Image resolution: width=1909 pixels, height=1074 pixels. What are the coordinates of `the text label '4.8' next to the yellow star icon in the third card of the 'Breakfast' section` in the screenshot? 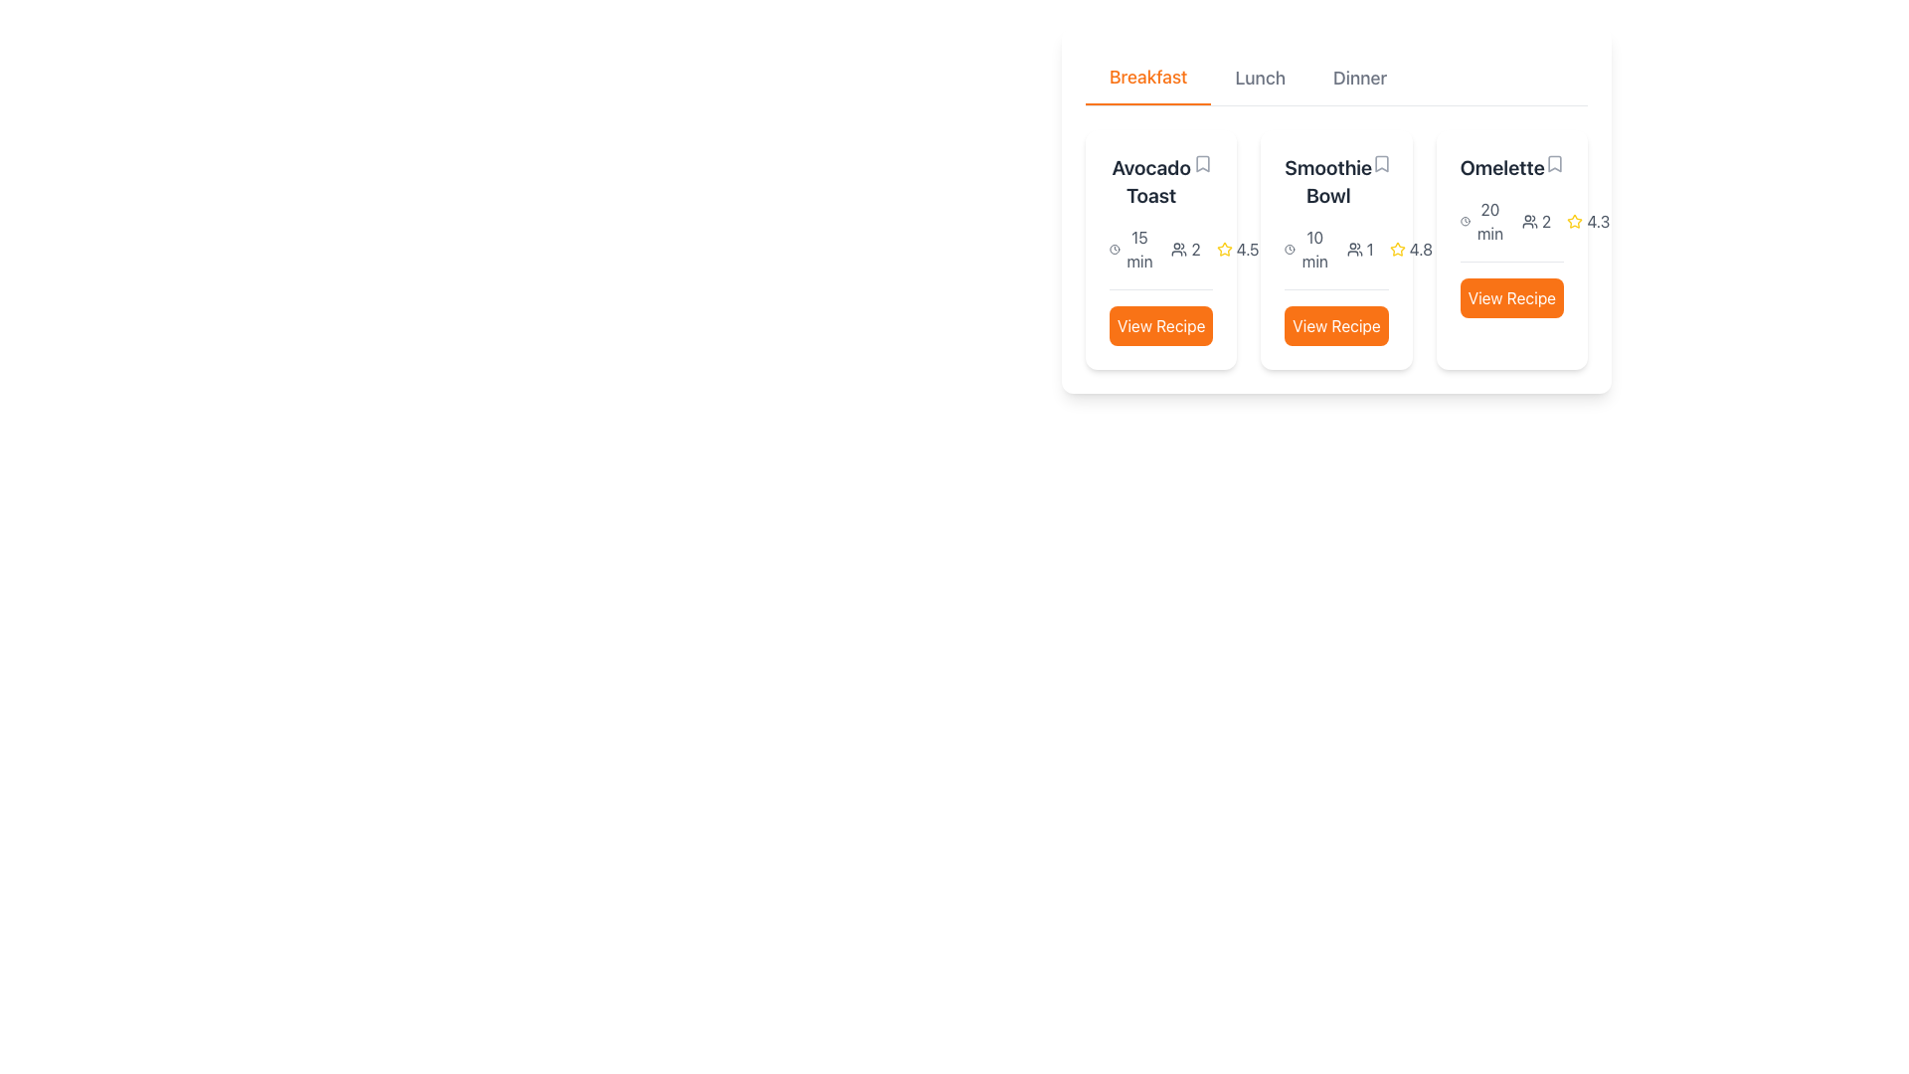 It's located at (1410, 248).